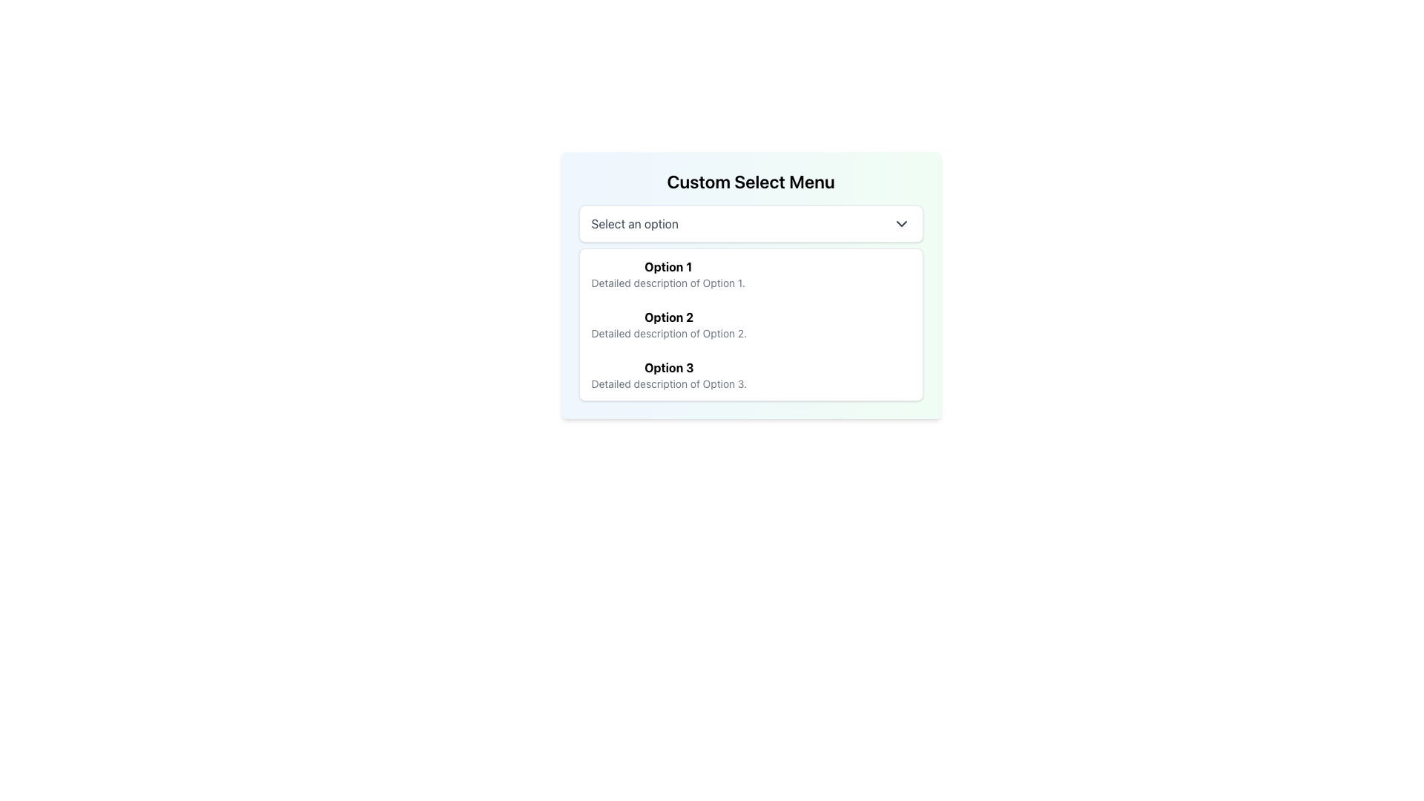  What do you see at coordinates (751, 223) in the screenshot?
I see `the dropdown button labeled 'Select an option'` at bounding box center [751, 223].